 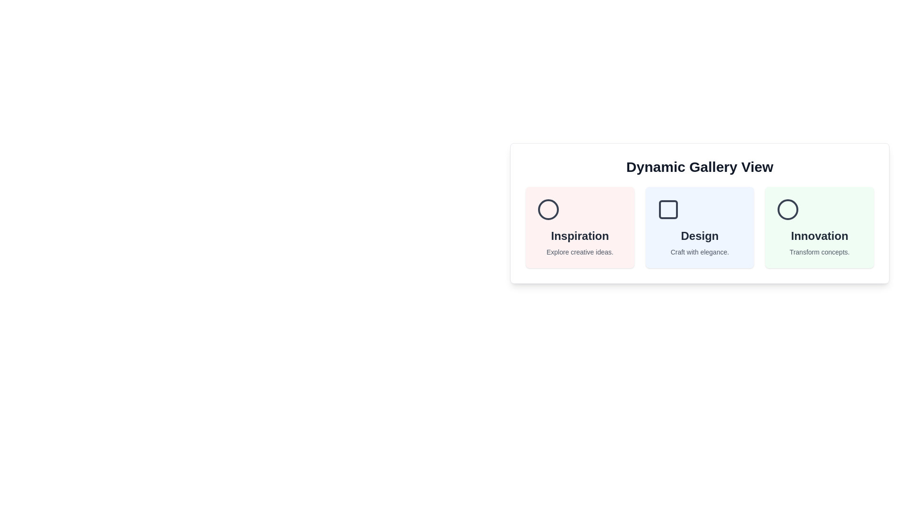 What do you see at coordinates (700, 236) in the screenshot?
I see `the 'Design' label, which is prominently styled in bold, large grayish-black font, located in the middle panel of the trio labeled 'Inspiration', 'Design', and 'Innovation'` at bounding box center [700, 236].